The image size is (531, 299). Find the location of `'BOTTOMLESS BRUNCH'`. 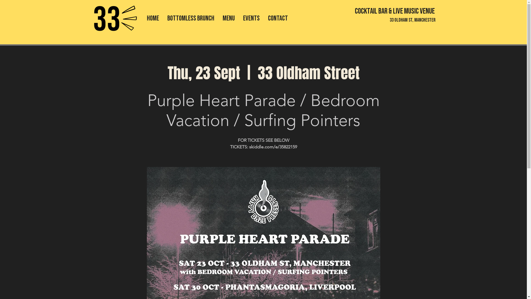

'BOTTOMLESS BRUNCH' is located at coordinates (191, 18).